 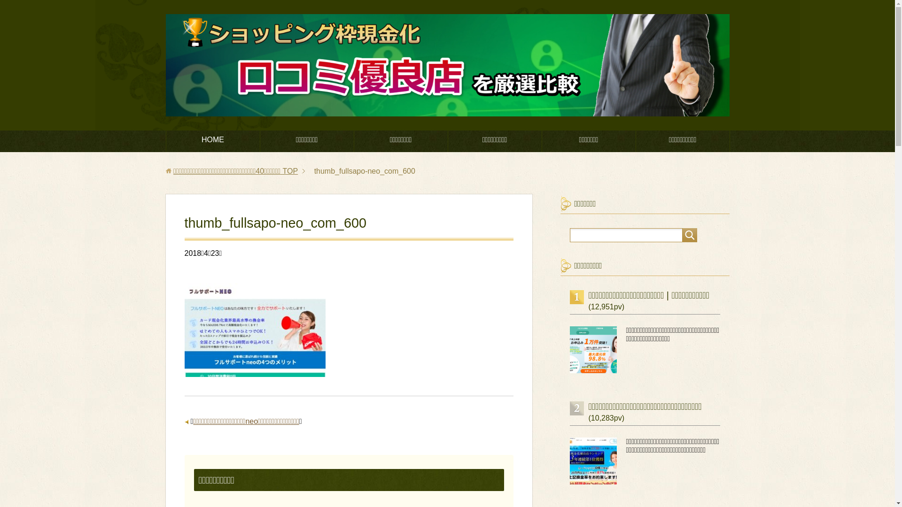 I want to click on 'HOME', so click(x=166, y=141).